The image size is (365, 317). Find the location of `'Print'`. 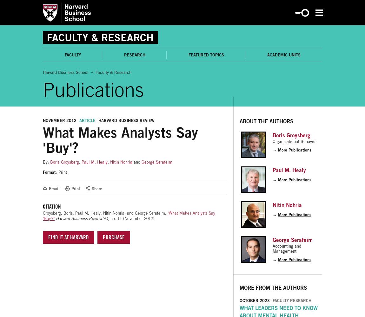

'Print' is located at coordinates (62, 172).